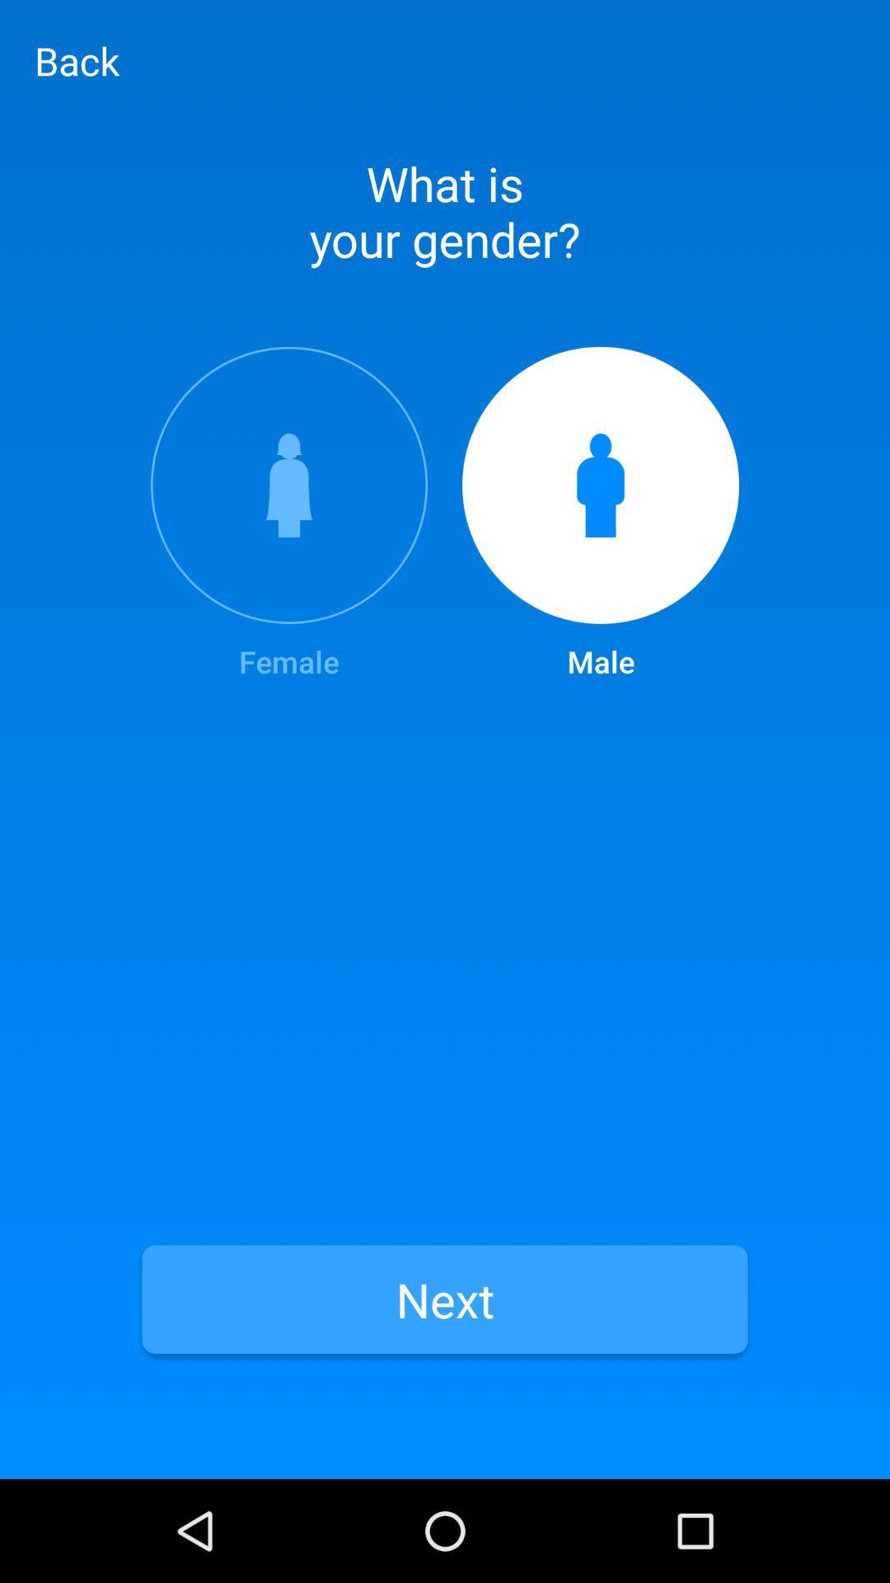  I want to click on next item, so click(445, 1299).